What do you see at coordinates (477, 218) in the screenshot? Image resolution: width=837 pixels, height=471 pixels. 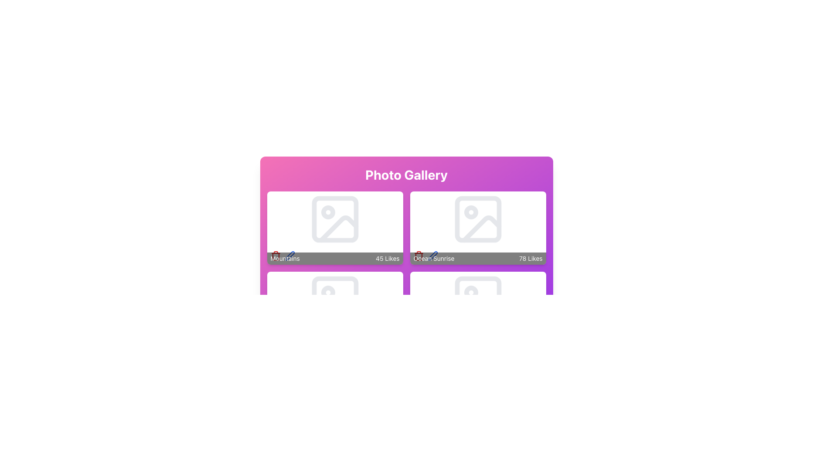 I see `the icon resembling a generic image placeholder located in the second column of the first row of the photo gallery interface, above the text 'Ocean Sunrise' and '78 Likes'` at bounding box center [477, 218].